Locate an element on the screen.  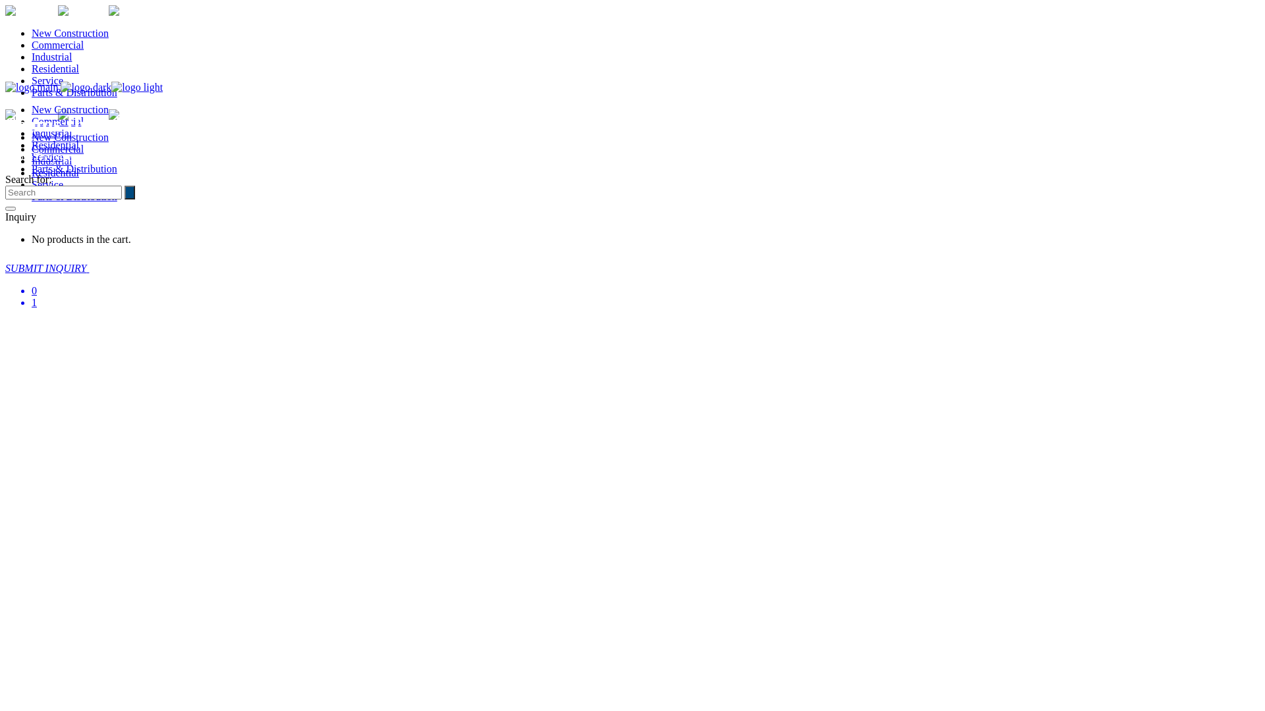
'Parts & Distribution' is located at coordinates (74, 196).